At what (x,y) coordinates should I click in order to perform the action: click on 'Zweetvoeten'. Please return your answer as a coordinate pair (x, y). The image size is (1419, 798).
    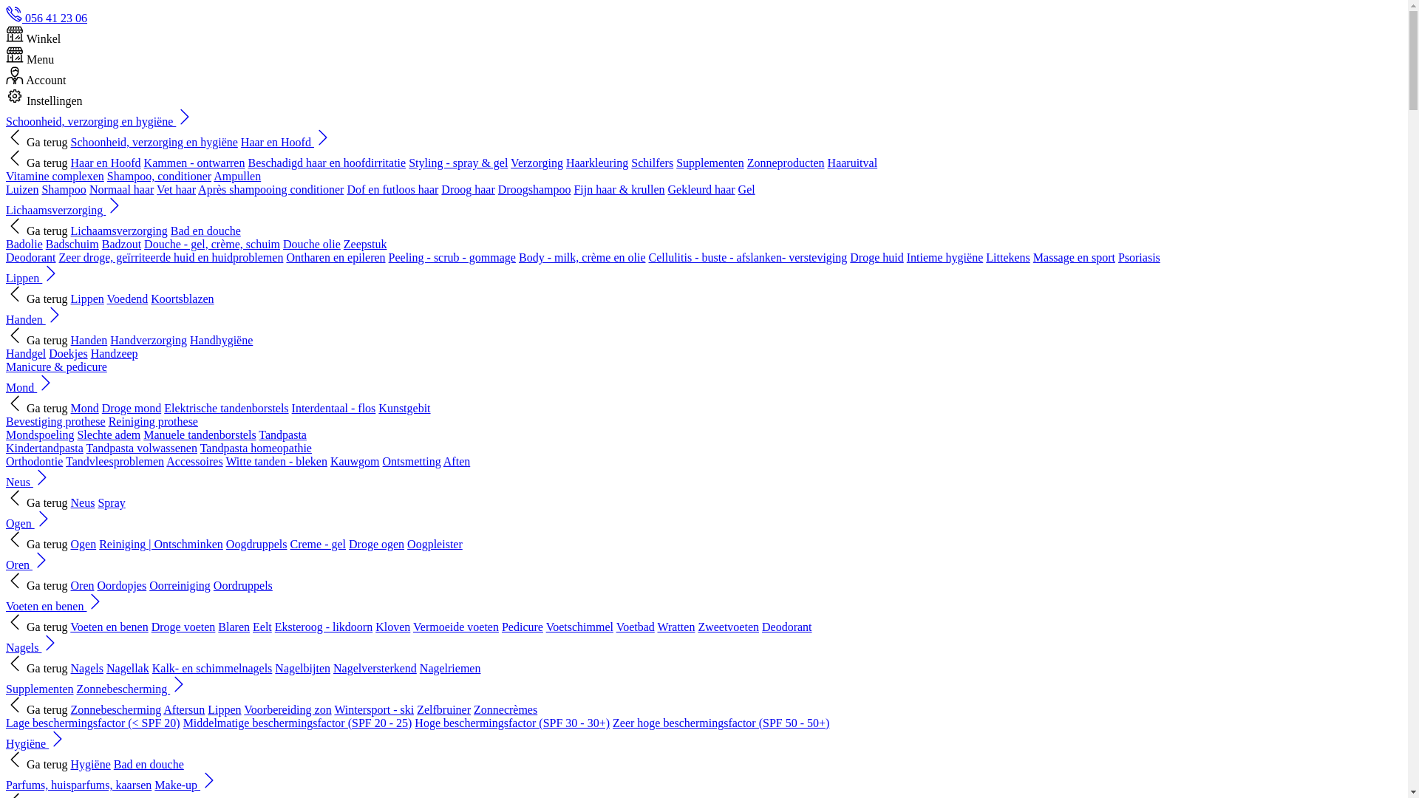
    Looking at the image, I should click on (728, 627).